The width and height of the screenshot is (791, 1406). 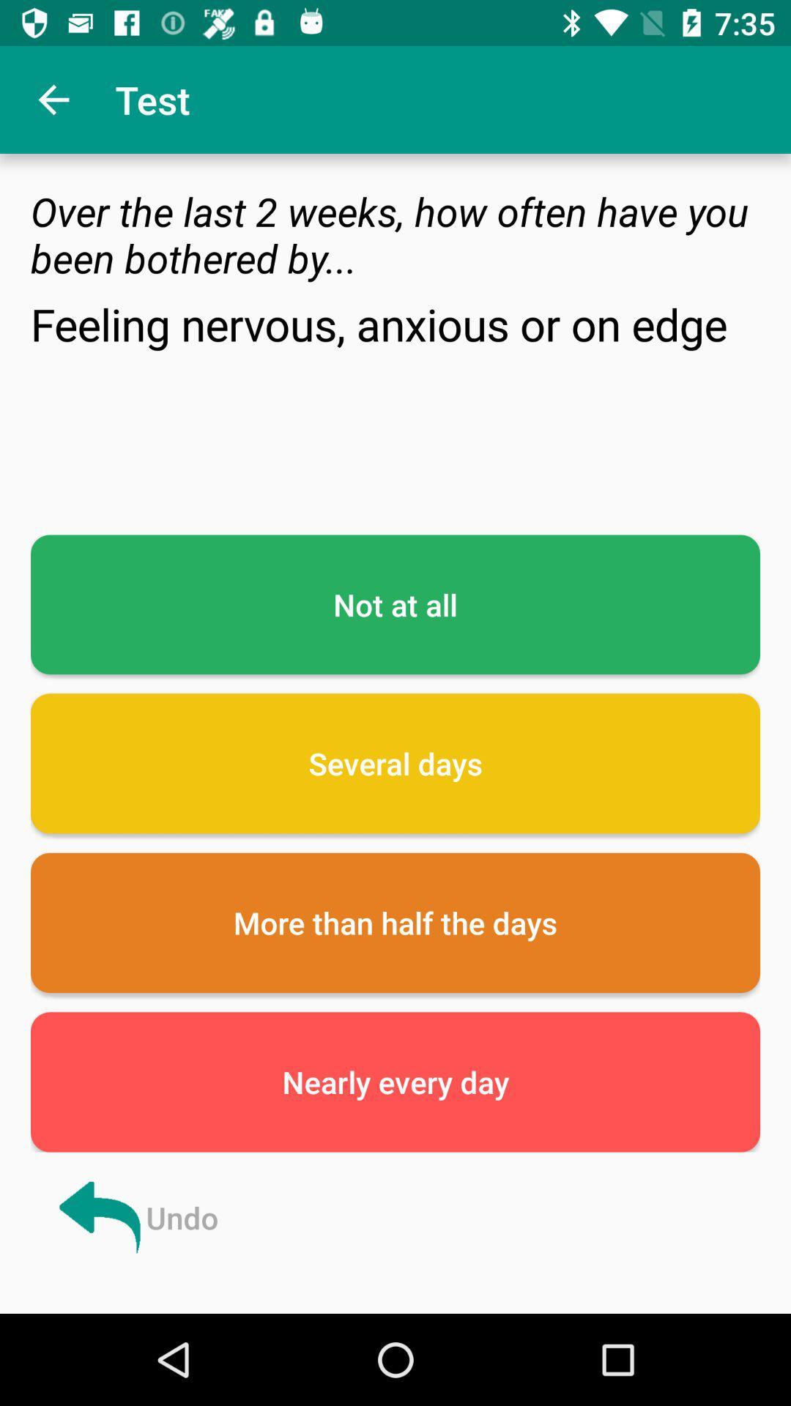 I want to click on the app to the left of the test icon, so click(x=53, y=99).